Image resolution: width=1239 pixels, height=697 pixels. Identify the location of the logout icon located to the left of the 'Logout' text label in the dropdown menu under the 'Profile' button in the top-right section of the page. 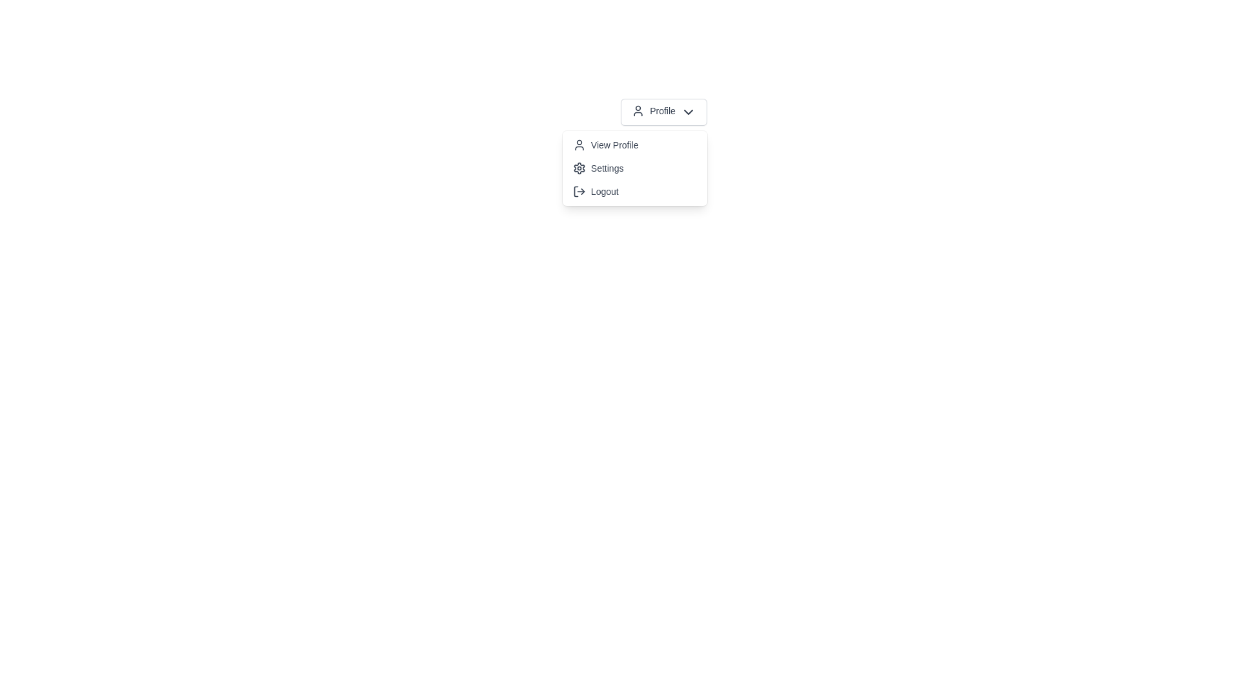
(578, 192).